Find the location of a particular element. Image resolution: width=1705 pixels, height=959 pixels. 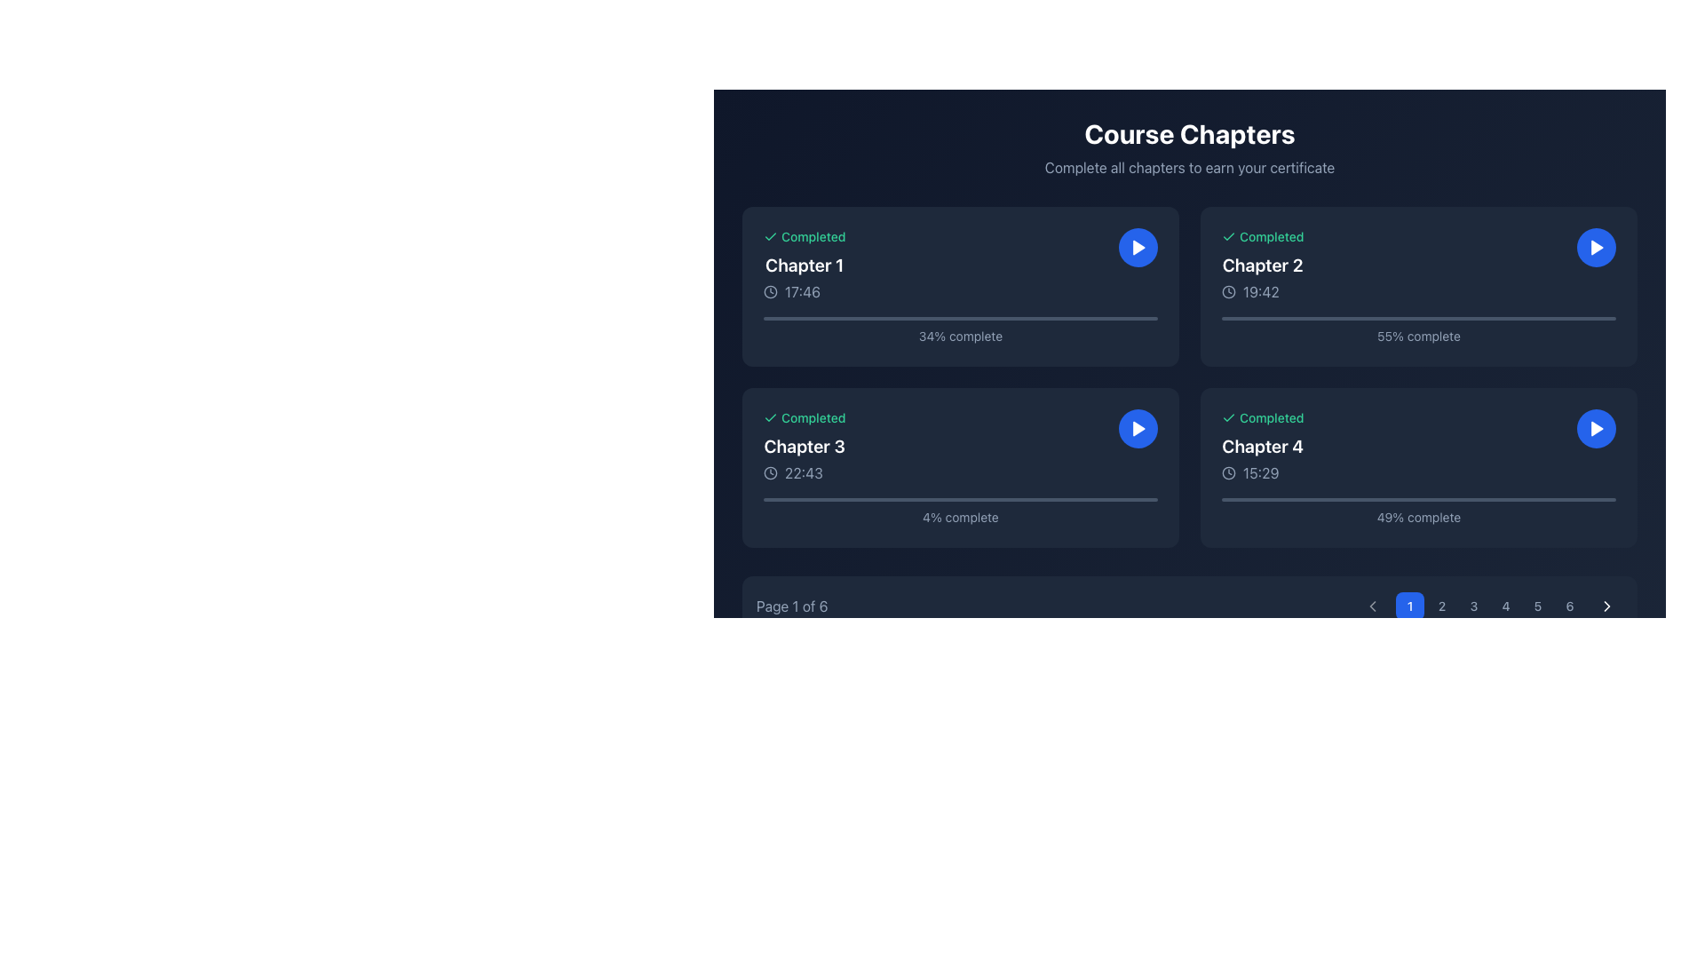

the Status Label with Icon that displays 'Completed' and has a checkmark icon, located in the top-left corner of the 'Chapter 2' card in the 'Course Chapters' grid layout is located at coordinates (1262, 235).